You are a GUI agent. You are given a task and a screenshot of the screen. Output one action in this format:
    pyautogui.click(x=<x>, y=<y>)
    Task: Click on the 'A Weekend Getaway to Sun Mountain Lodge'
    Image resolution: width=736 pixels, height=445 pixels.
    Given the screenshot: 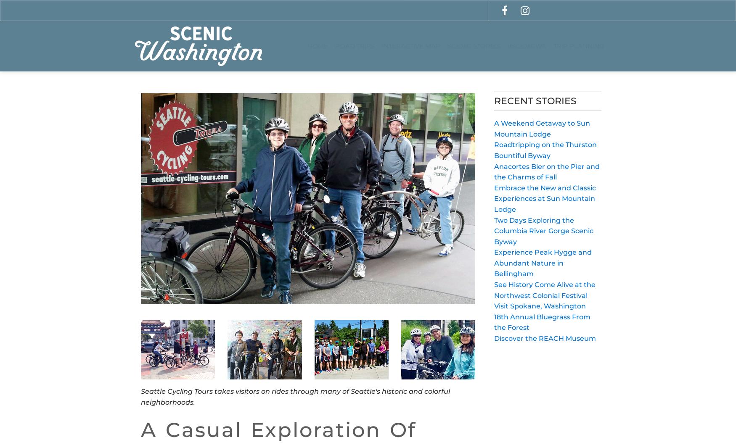 What is the action you would take?
    pyautogui.click(x=493, y=129)
    